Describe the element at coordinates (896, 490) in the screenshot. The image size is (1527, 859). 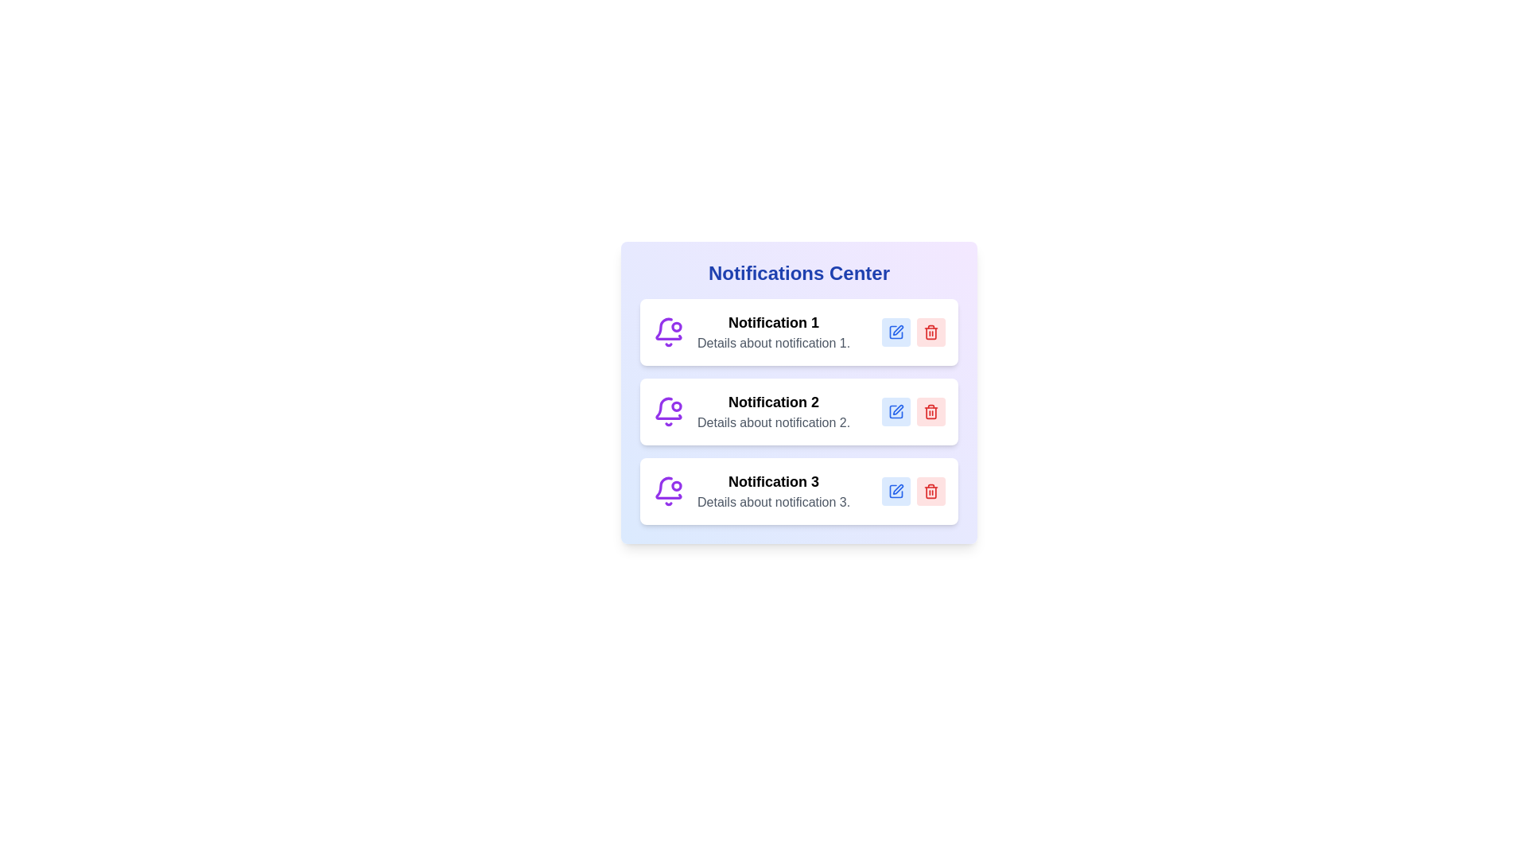
I see `the SVG Icon Button that symbolizes a square with a pen overlay located at the top-right corner of 'Notification 3' to initiate editing` at that location.